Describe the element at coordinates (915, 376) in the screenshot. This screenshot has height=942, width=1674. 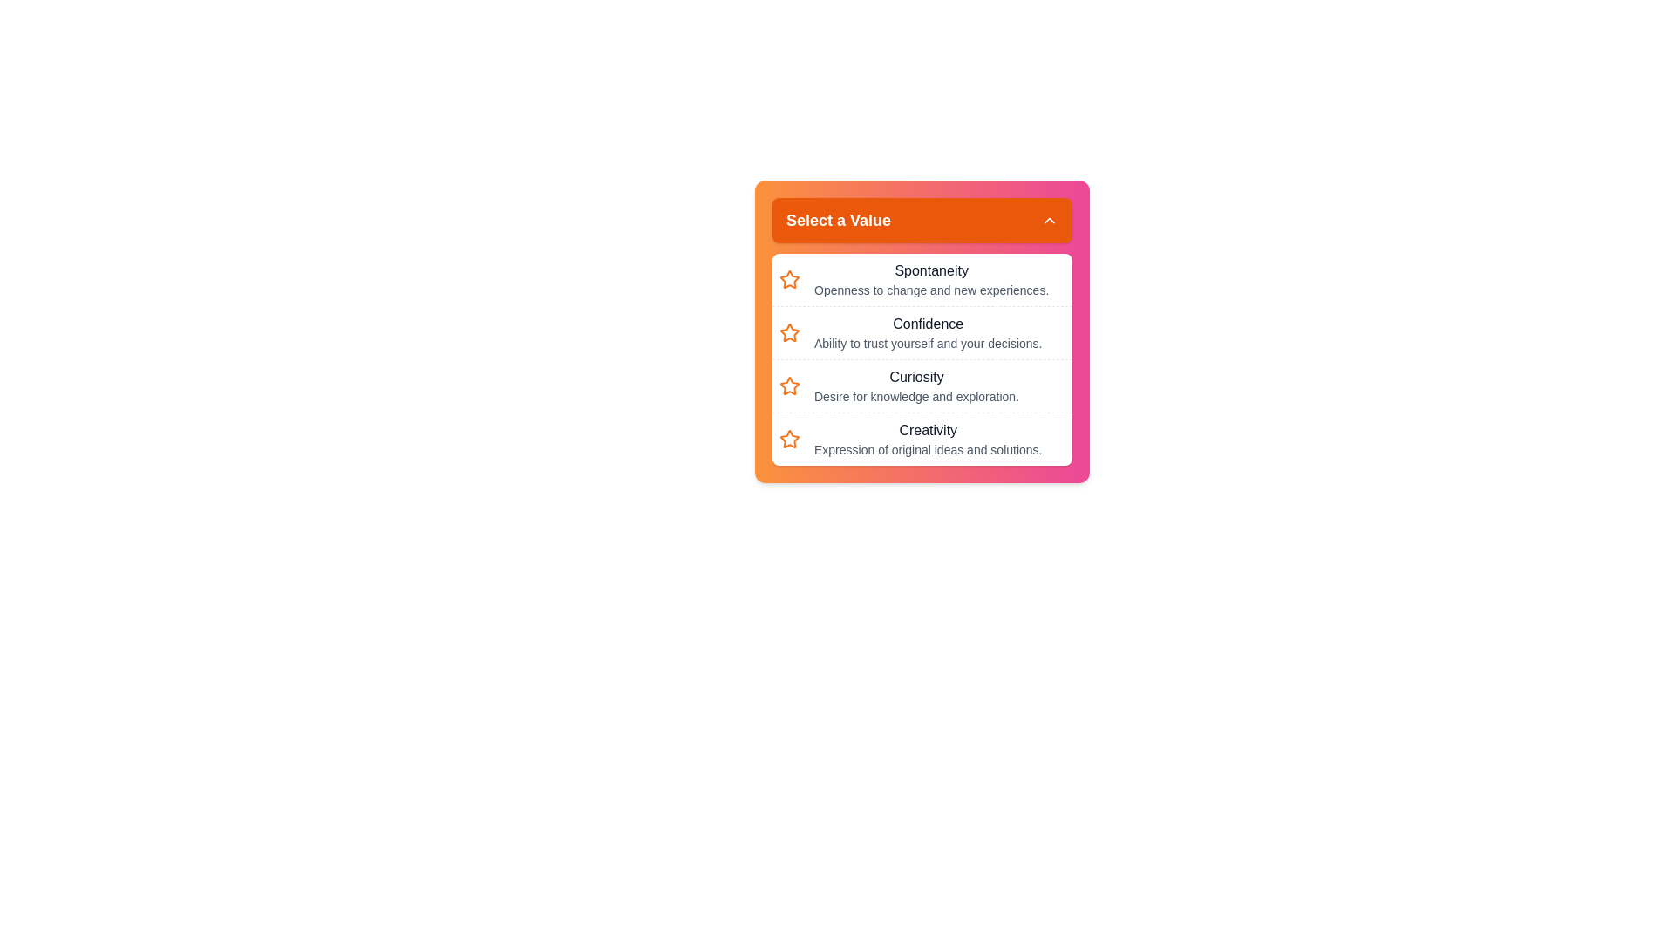
I see `the 'Curiosity' label within the dropdown menu titled 'Select a Value', which serves as a subheading for the description below it` at that location.